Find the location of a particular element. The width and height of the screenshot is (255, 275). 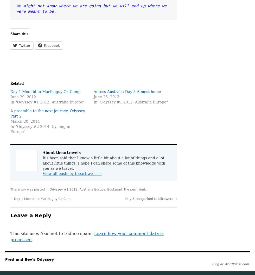

'Related' is located at coordinates (10, 83).